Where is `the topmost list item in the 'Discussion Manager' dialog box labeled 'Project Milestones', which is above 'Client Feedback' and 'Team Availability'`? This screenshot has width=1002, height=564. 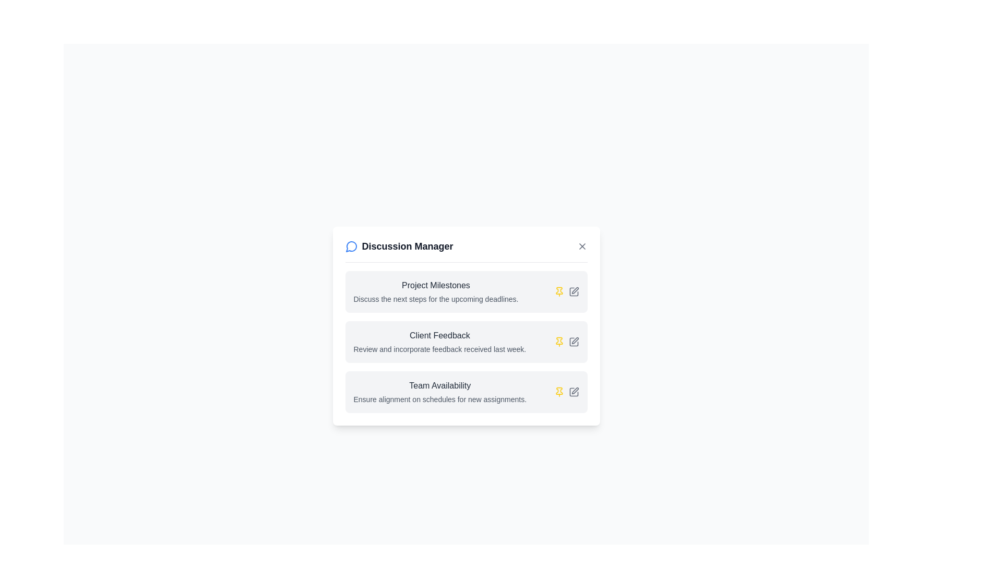
the topmost list item in the 'Discussion Manager' dialog box labeled 'Project Milestones', which is above 'Client Feedback' and 'Team Availability' is located at coordinates (466, 291).